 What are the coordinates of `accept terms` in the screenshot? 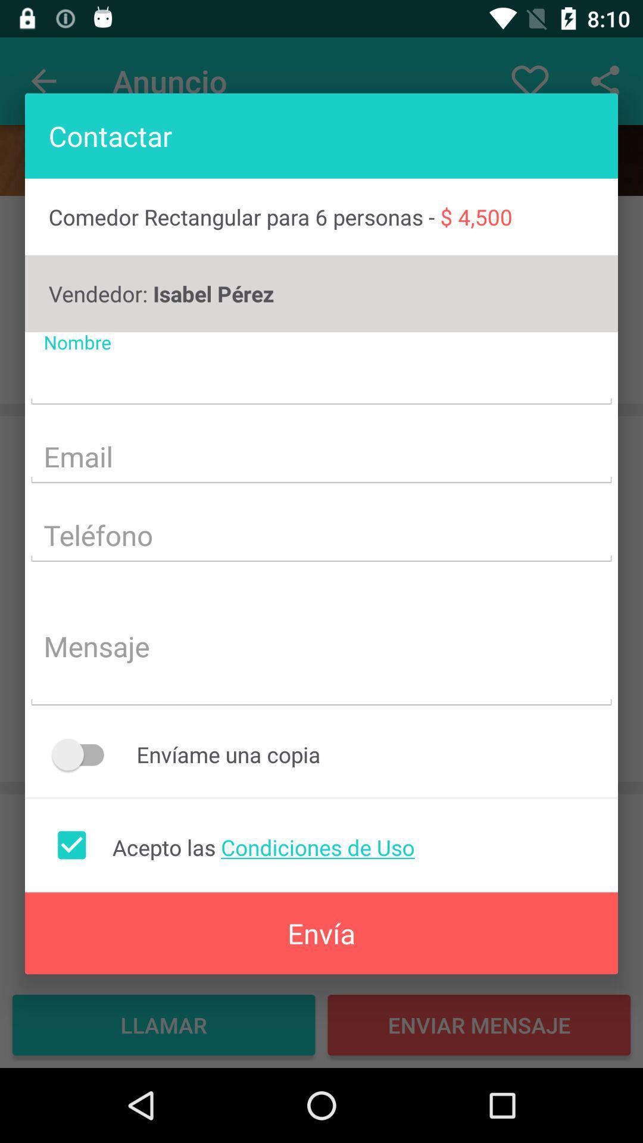 It's located at (71, 844).